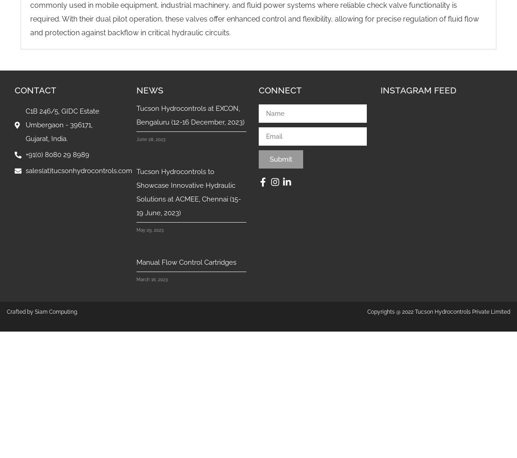 This screenshot has width=517, height=458. What do you see at coordinates (35, 89) in the screenshot?
I see `'CONTACT'` at bounding box center [35, 89].